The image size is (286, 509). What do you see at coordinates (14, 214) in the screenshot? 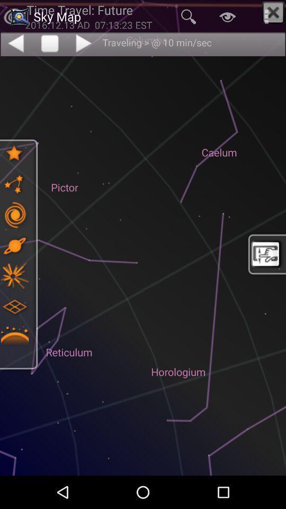
I see `the sliders icon` at bounding box center [14, 214].